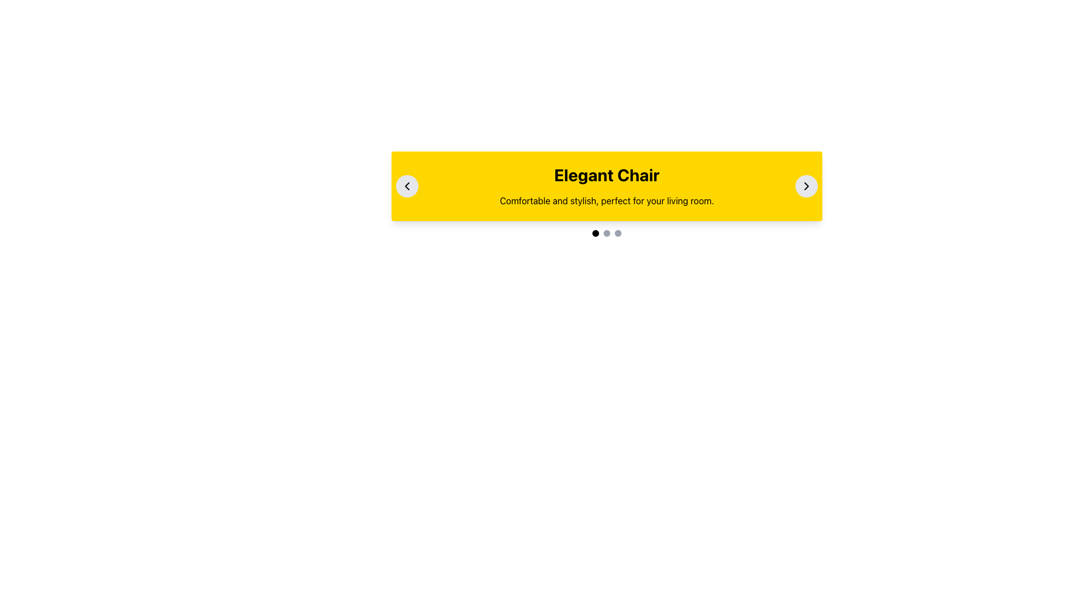  Describe the element at coordinates (618, 233) in the screenshot. I see `the third small circular button or step indicator below the yellow banner labeled 'Elegant Chair'` at that location.